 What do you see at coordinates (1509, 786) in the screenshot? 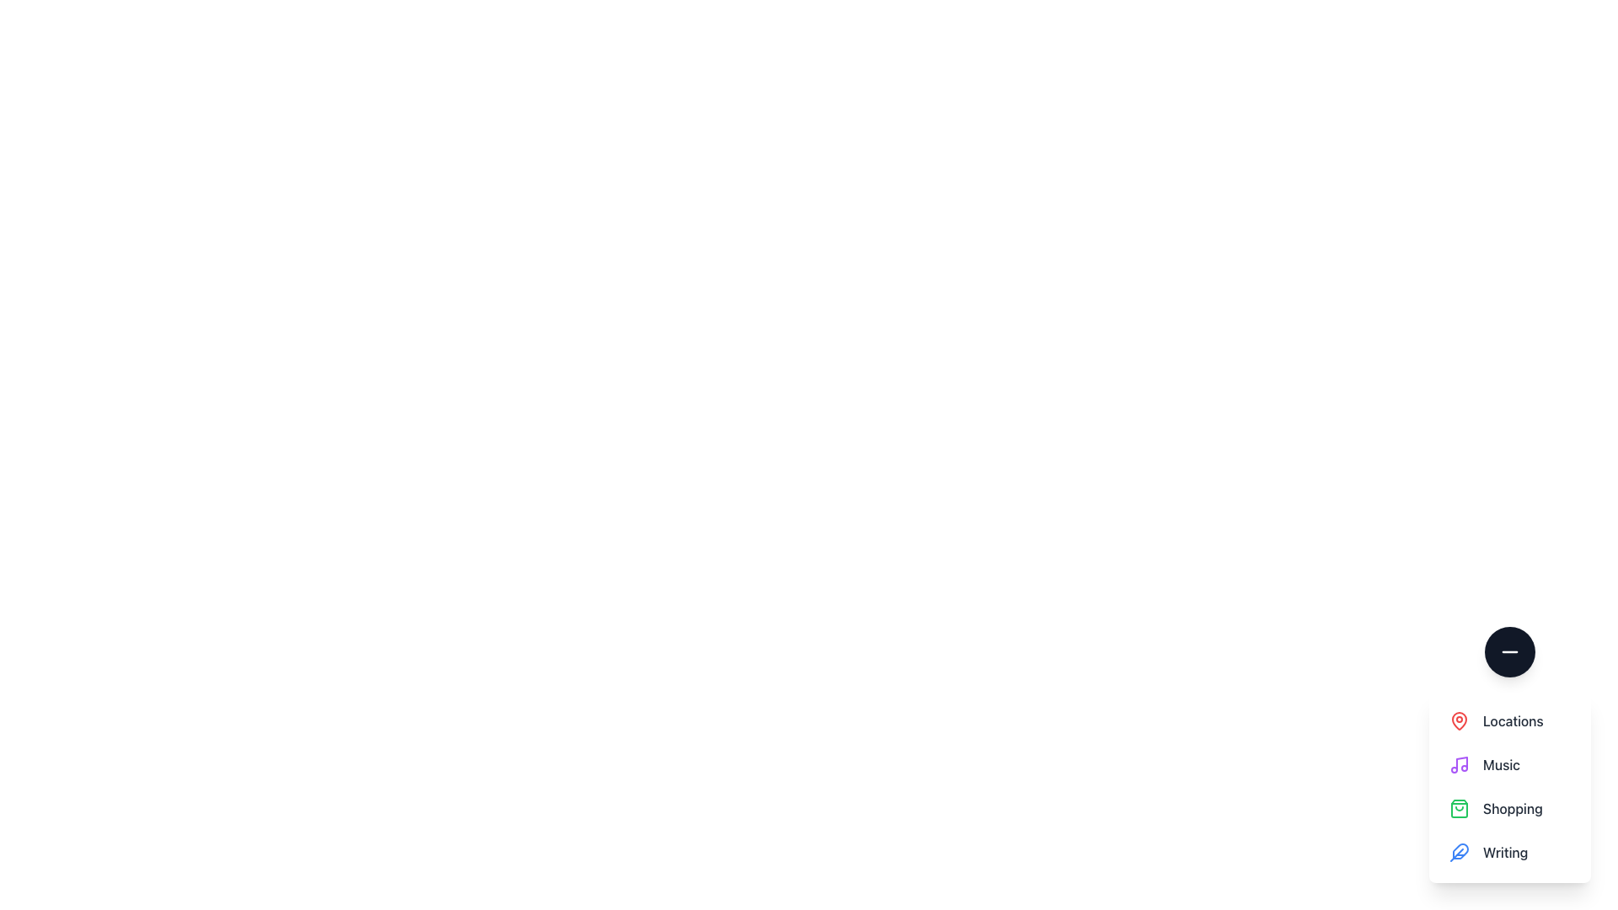
I see `the 'Locations' option in the vertical navigation menu` at bounding box center [1509, 786].